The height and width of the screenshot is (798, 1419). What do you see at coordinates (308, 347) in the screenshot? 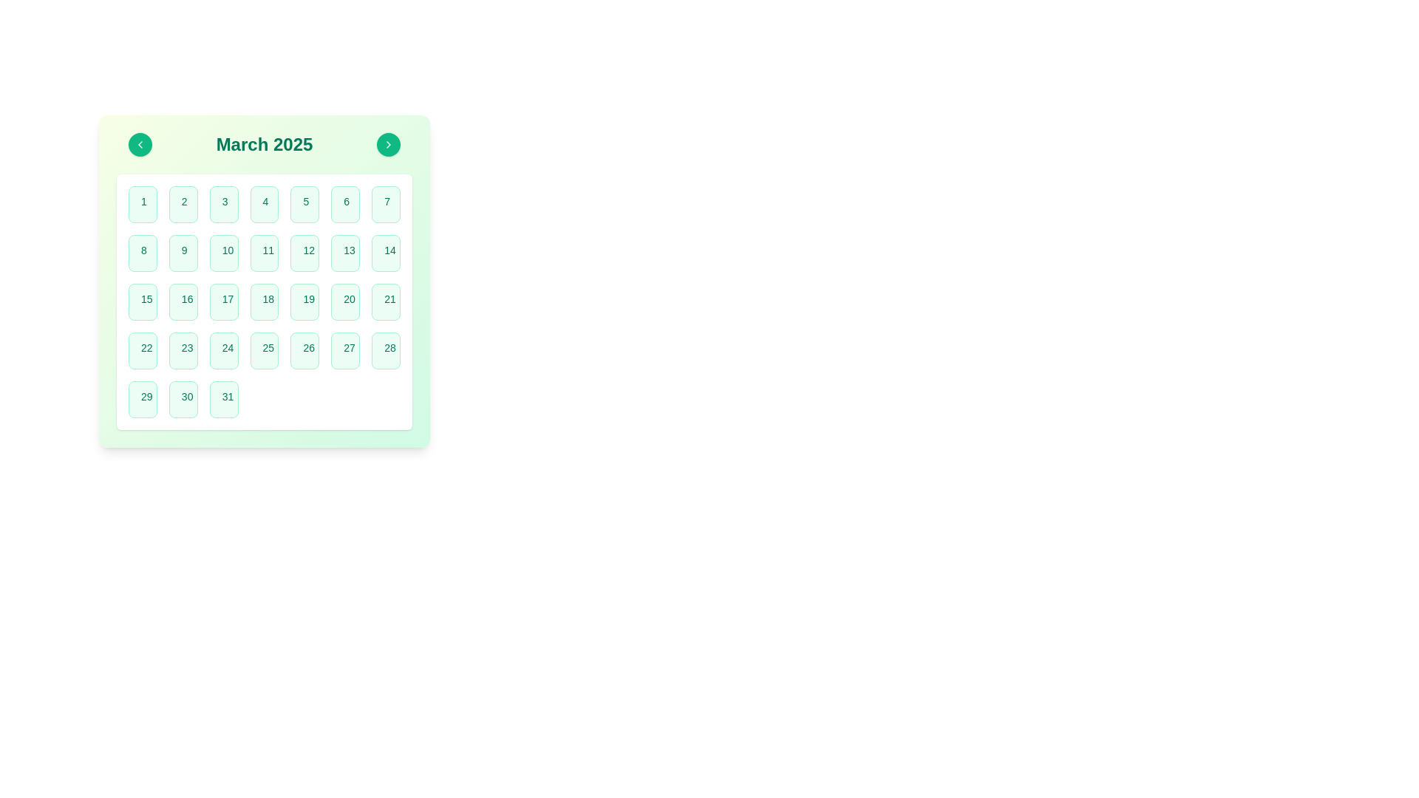
I see `text element displaying the number '26' located in the bottom right portion of the calendar, centered within a highlighted cell for the 26th day` at bounding box center [308, 347].